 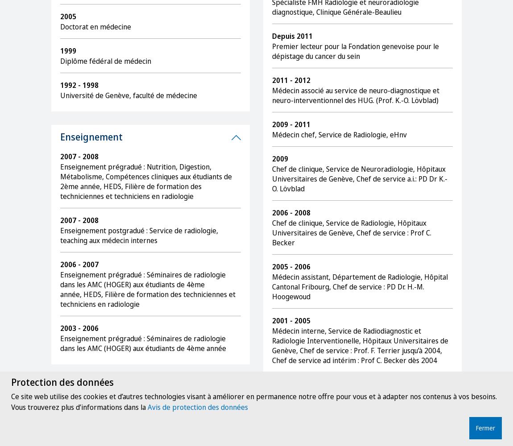 I want to click on 'Médecin assistant, Département de Radiologie, Hôpital Cantonal Fribourg, Chef de service : PD Dr. H.-M. Hoogewoud', so click(x=359, y=287).